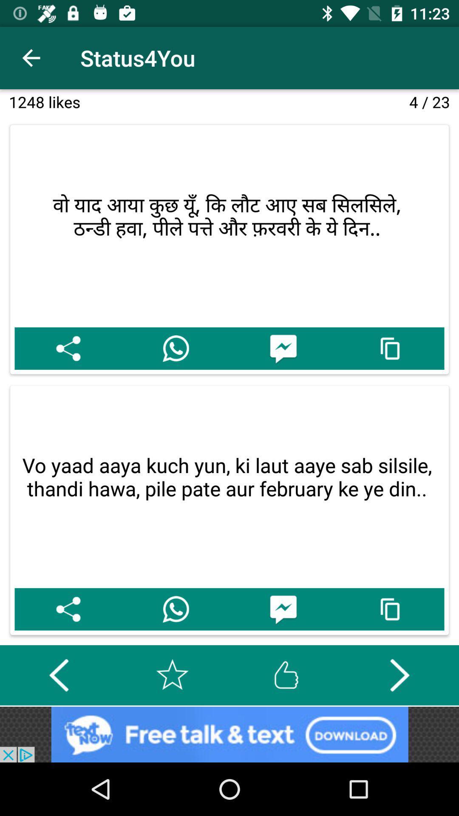  I want to click on call, so click(175, 609).